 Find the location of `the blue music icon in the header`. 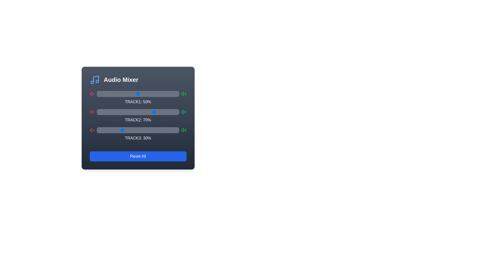

the blue music icon in the header is located at coordinates (95, 79).